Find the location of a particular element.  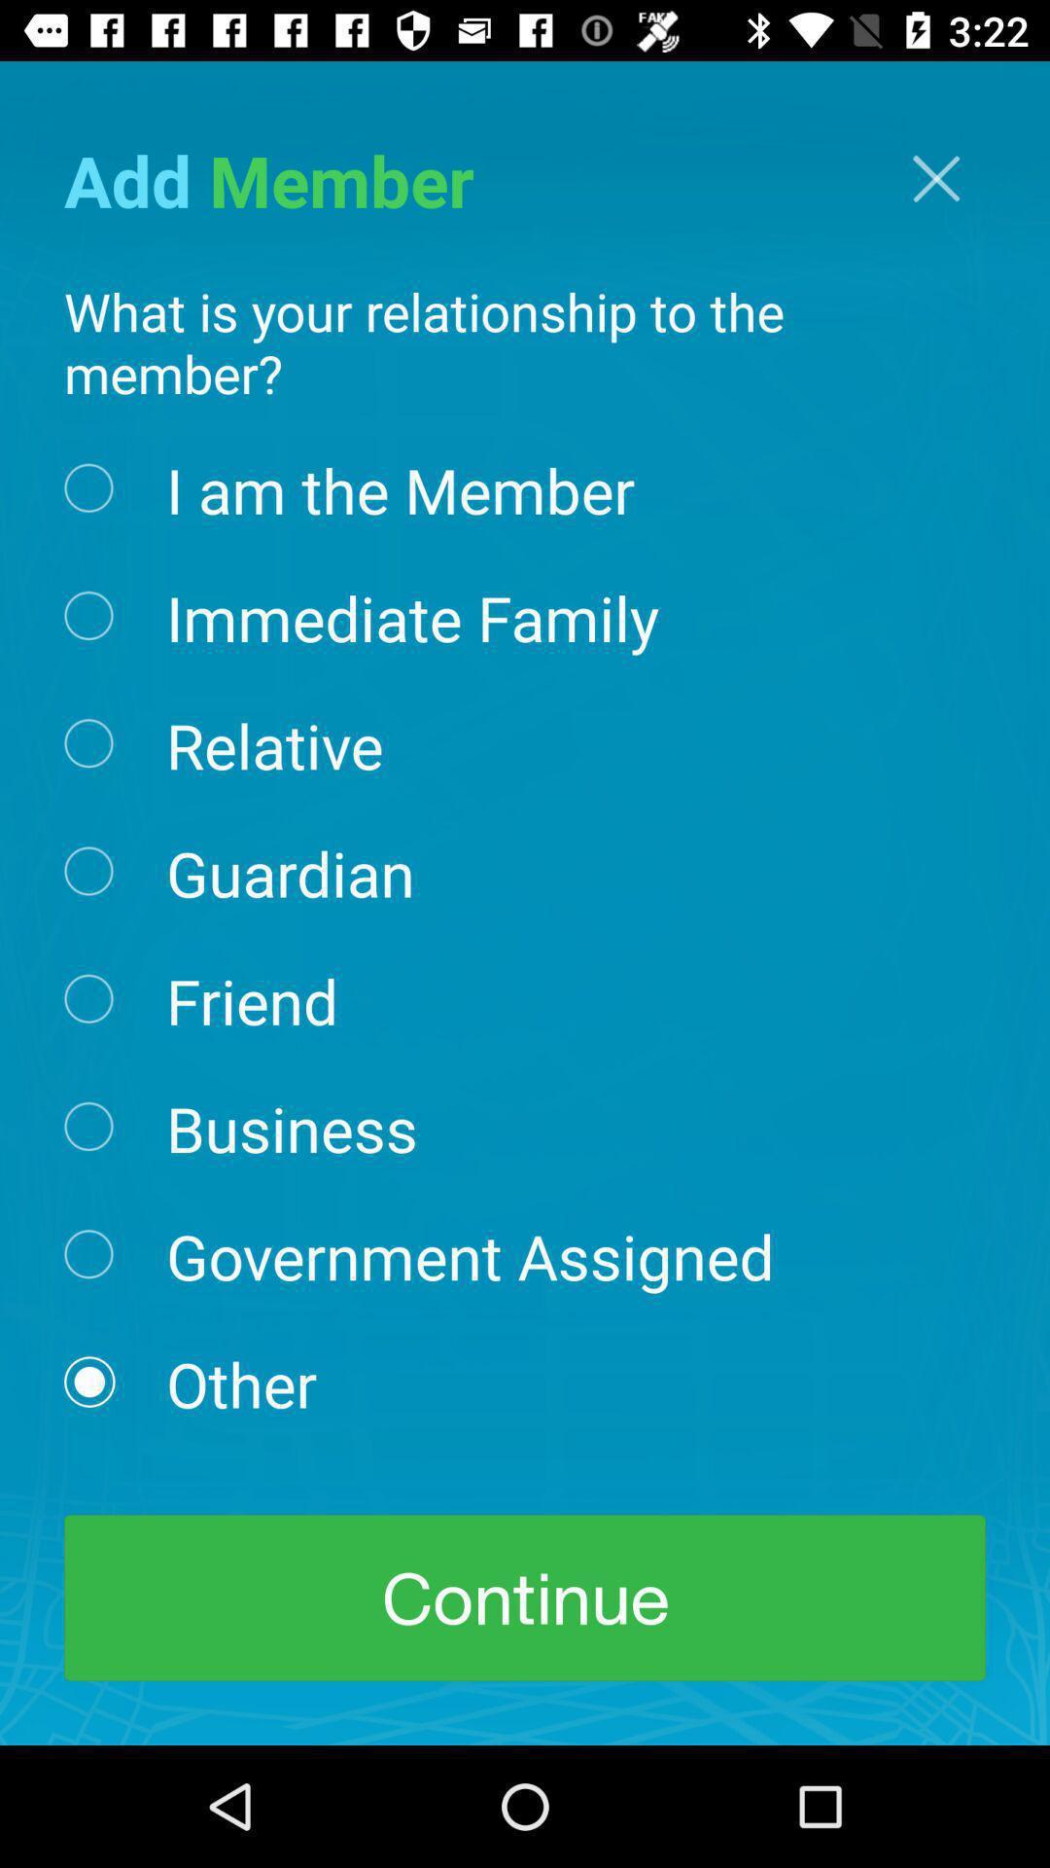

the icon above guardian icon is located at coordinates (274, 742).